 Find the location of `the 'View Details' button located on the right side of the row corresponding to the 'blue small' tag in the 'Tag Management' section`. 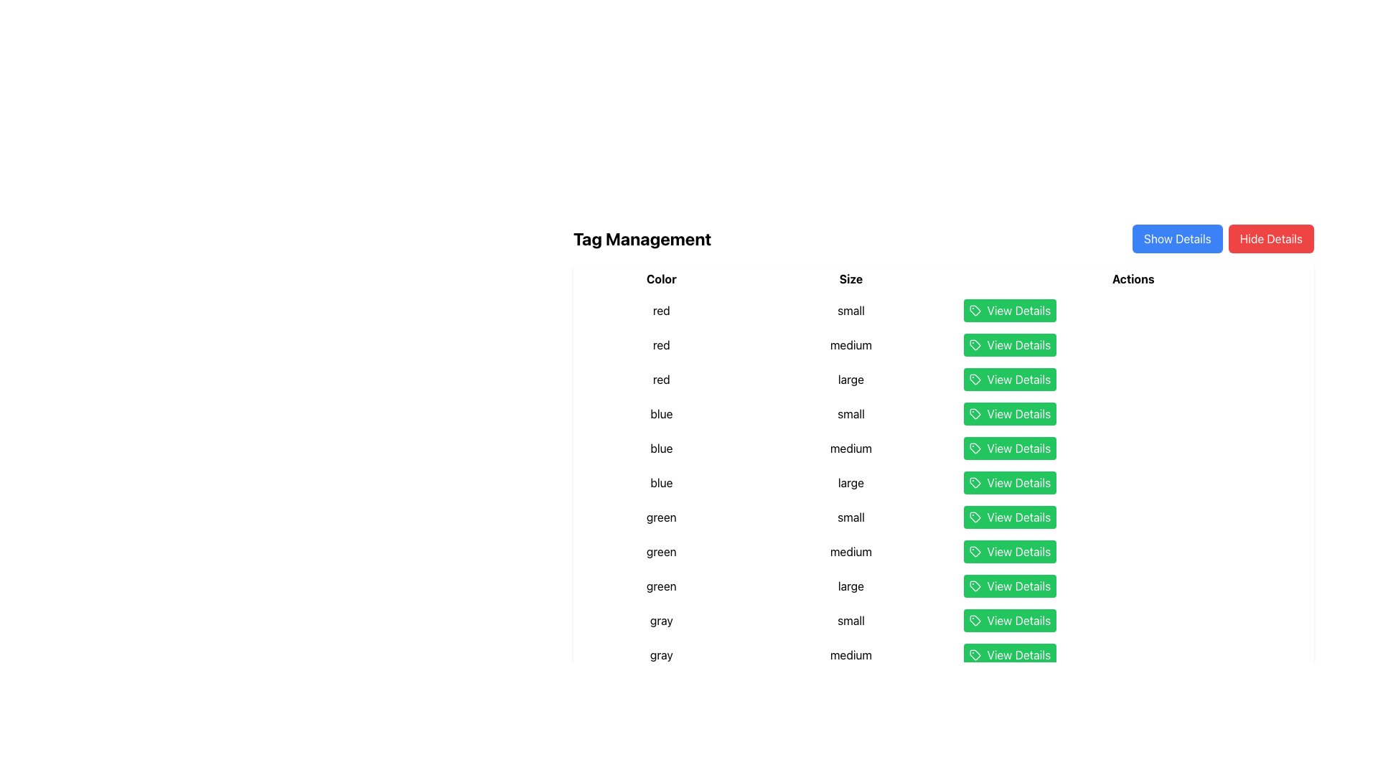

the 'View Details' button located on the right side of the row corresponding to the 'blue small' tag in the 'Tag Management' section is located at coordinates (944, 414).